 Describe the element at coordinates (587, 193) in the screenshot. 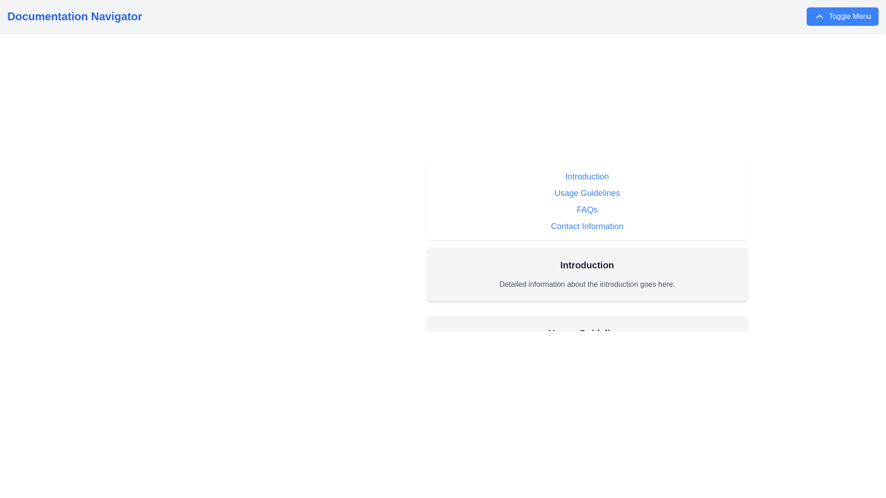

I see `the second hyperlink in the vertical navigation list at the top-center of the interface` at that location.